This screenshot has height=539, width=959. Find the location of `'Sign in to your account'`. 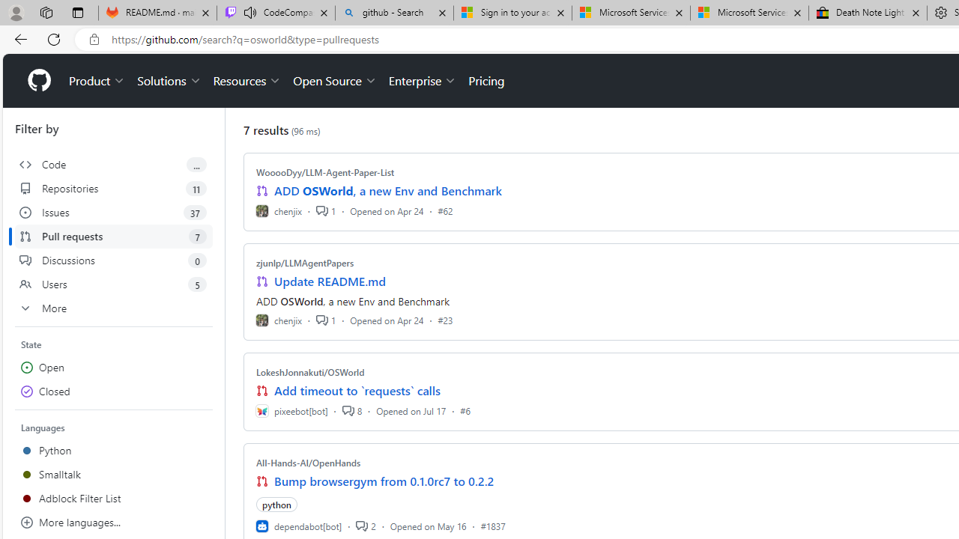

'Sign in to your account' is located at coordinates (512, 13).